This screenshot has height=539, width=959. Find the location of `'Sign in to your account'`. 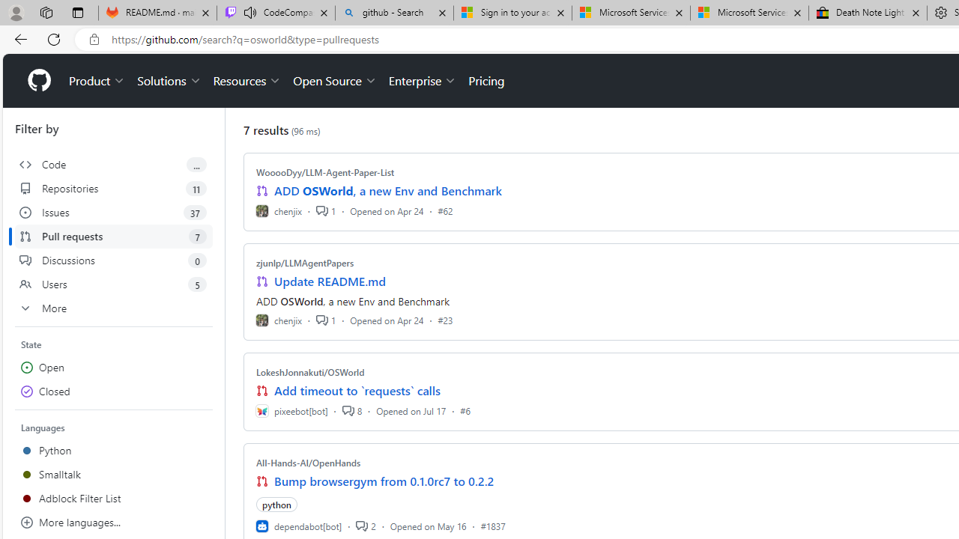

'Sign in to your account' is located at coordinates (512, 13).